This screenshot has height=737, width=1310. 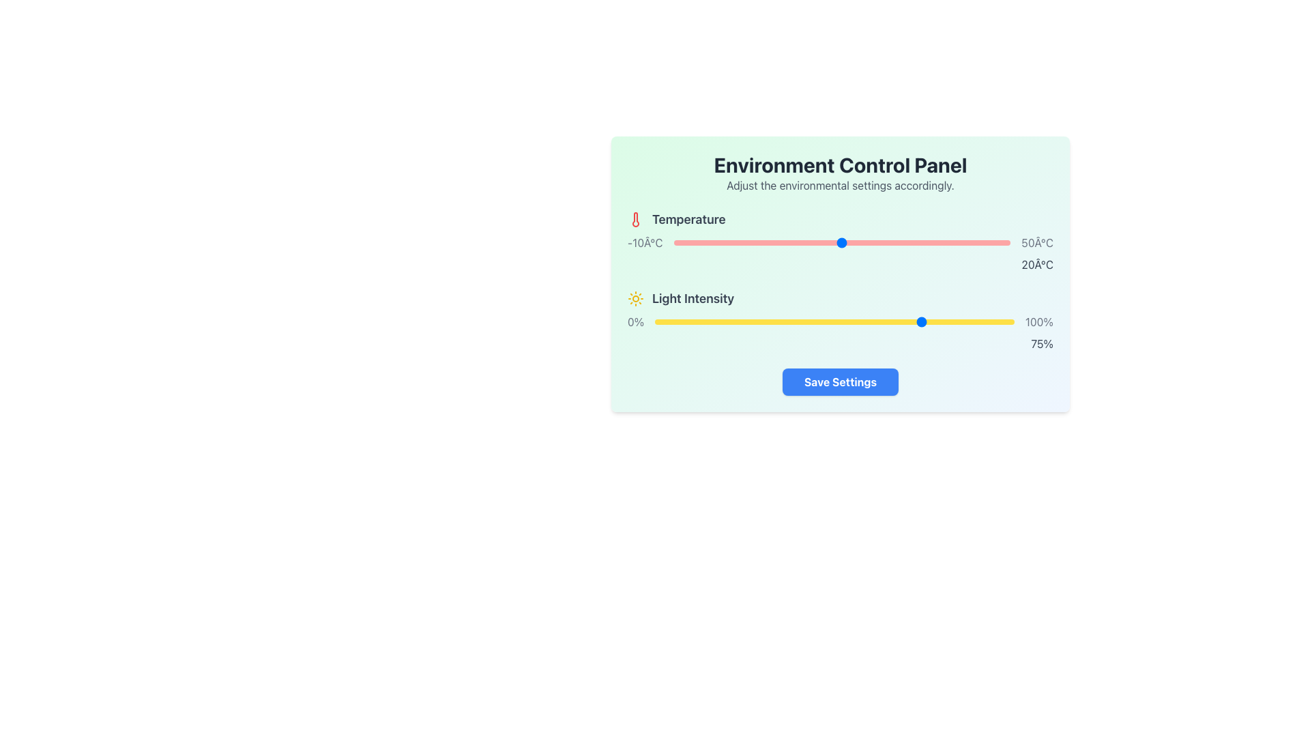 What do you see at coordinates (644, 242) in the screenshot?
I see `the text label displaying '-10°C', which indicates the minimum temperature value and is positioned to the left of the horizontal slider under the 'Temperature' heading` at bounding box center [644, 242].